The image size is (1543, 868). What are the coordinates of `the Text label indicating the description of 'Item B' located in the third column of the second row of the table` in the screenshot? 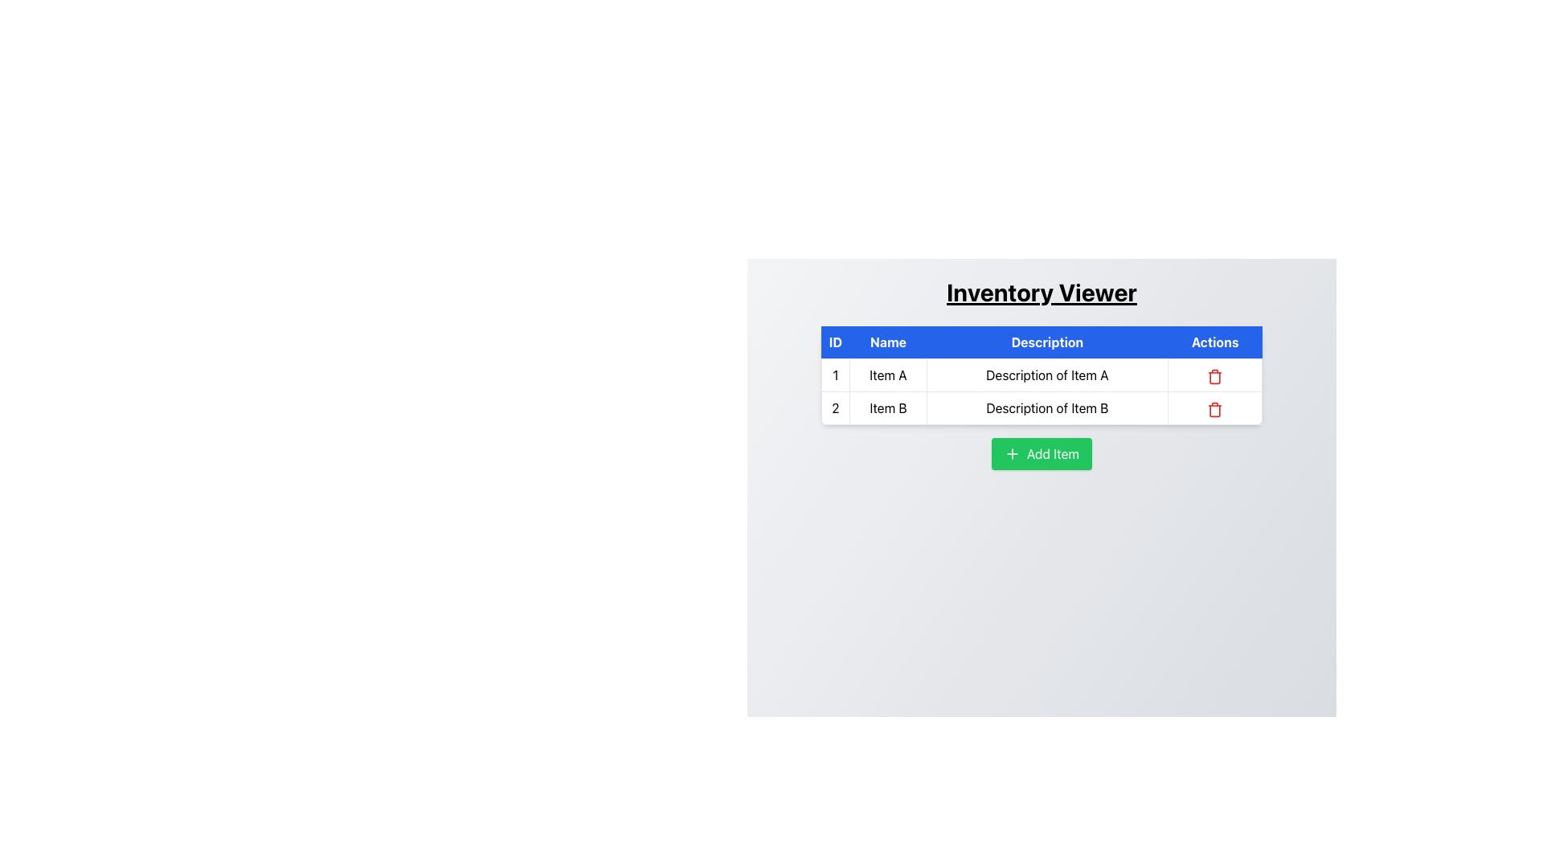 It's located at (1047, 407).